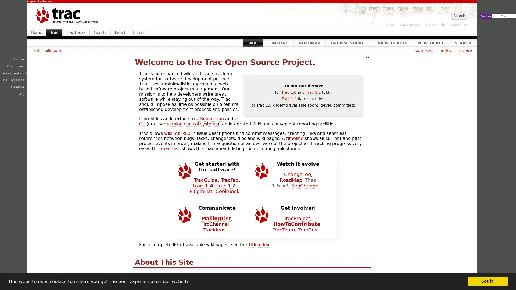 This screenshot has width=516, height=290. What do you see at coordinates (459, 15) in the screenshot?
I see `Search` at bounding box center [459, 15].